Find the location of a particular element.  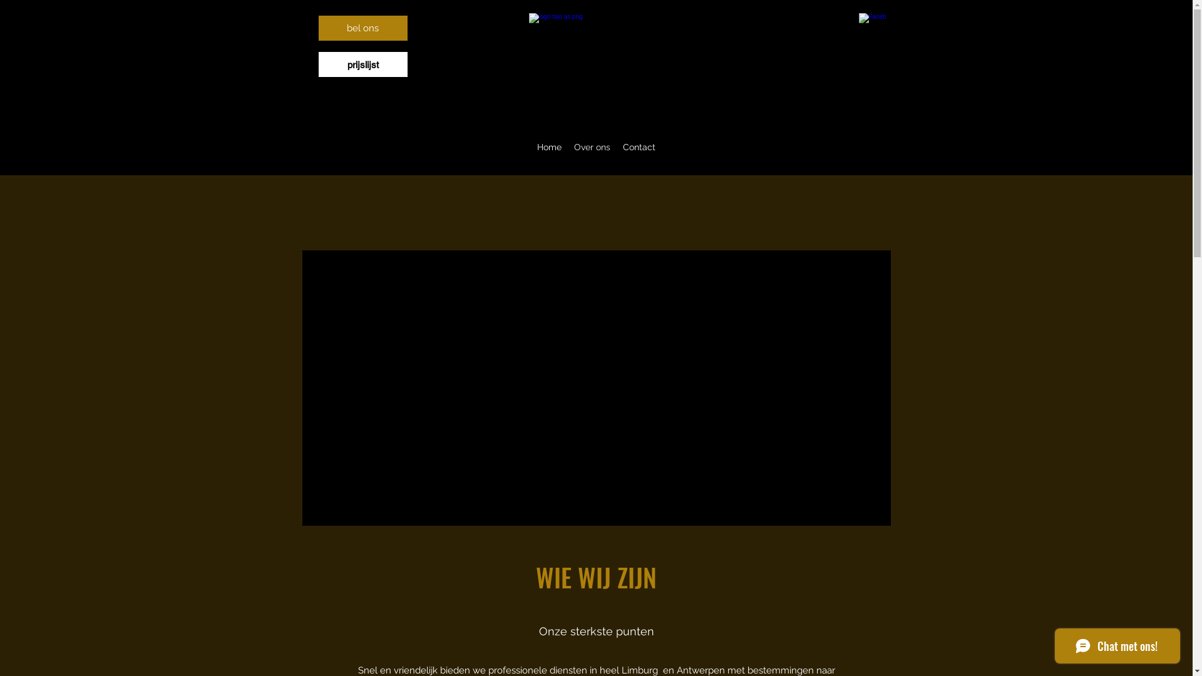

'Home' is located at coordinates (549, 146).